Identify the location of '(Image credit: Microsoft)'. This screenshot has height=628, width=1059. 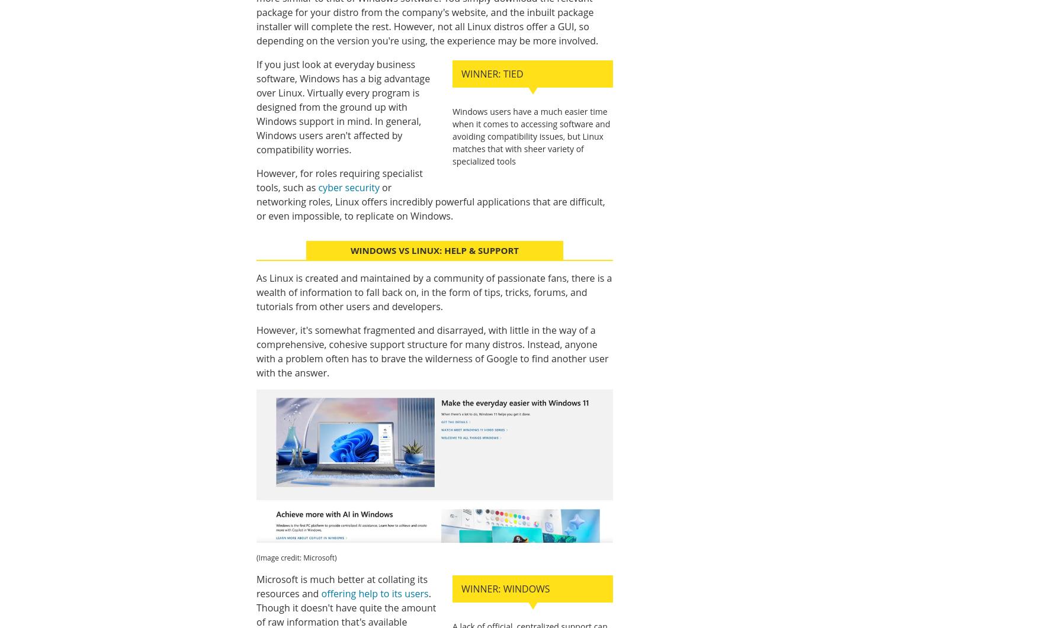
(256, 557).